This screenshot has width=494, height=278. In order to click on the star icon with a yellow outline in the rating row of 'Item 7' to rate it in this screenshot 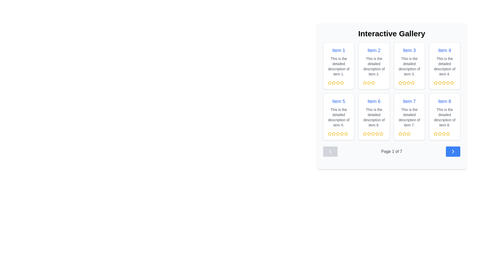, I will do `click(400, 133)`.